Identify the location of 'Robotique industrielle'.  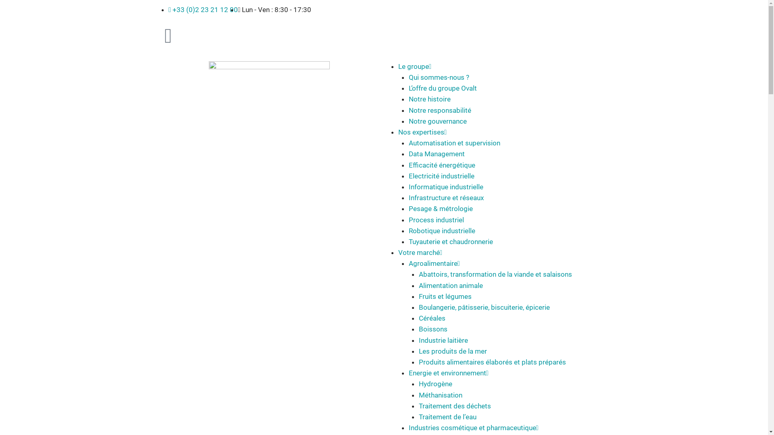
(441, 231).